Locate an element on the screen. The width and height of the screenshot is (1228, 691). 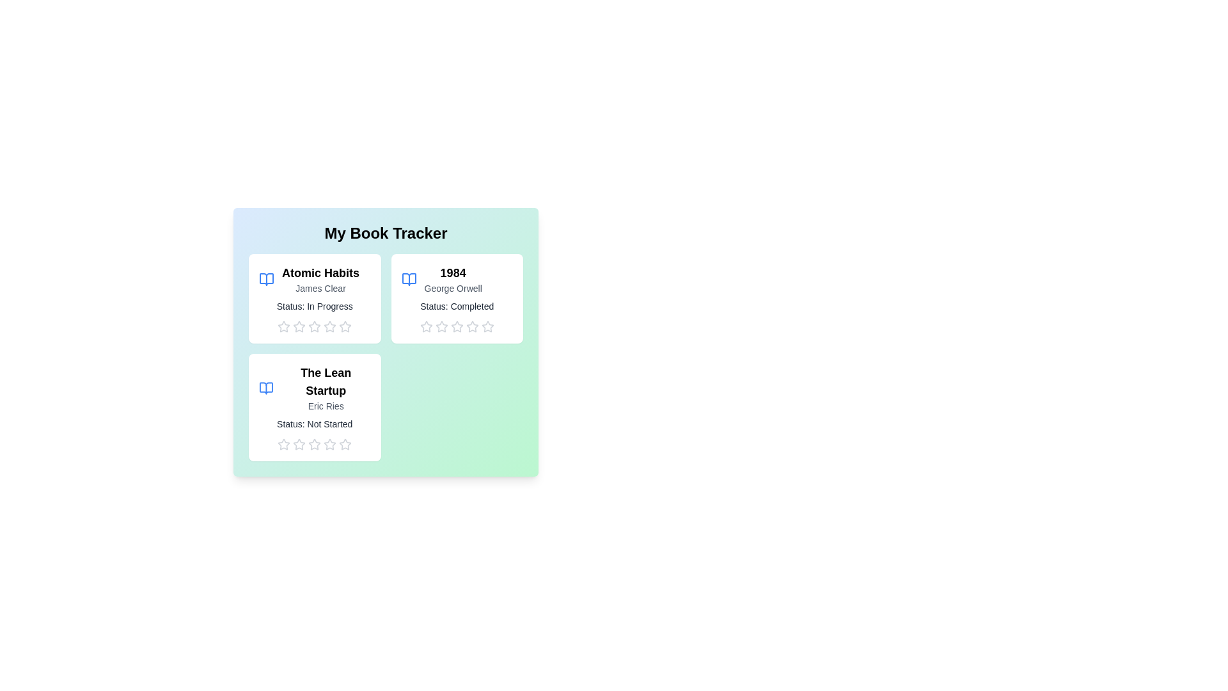
the rating for a book to 3 stars is located at coordinates (308, 326).